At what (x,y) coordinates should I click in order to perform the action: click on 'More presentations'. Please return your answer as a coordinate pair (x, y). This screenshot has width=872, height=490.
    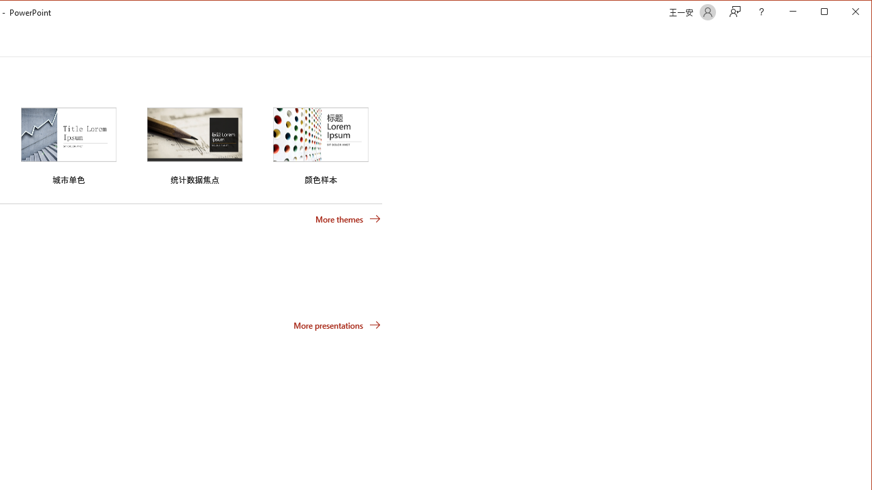
    Looking at the image, I should click on (337, 325).